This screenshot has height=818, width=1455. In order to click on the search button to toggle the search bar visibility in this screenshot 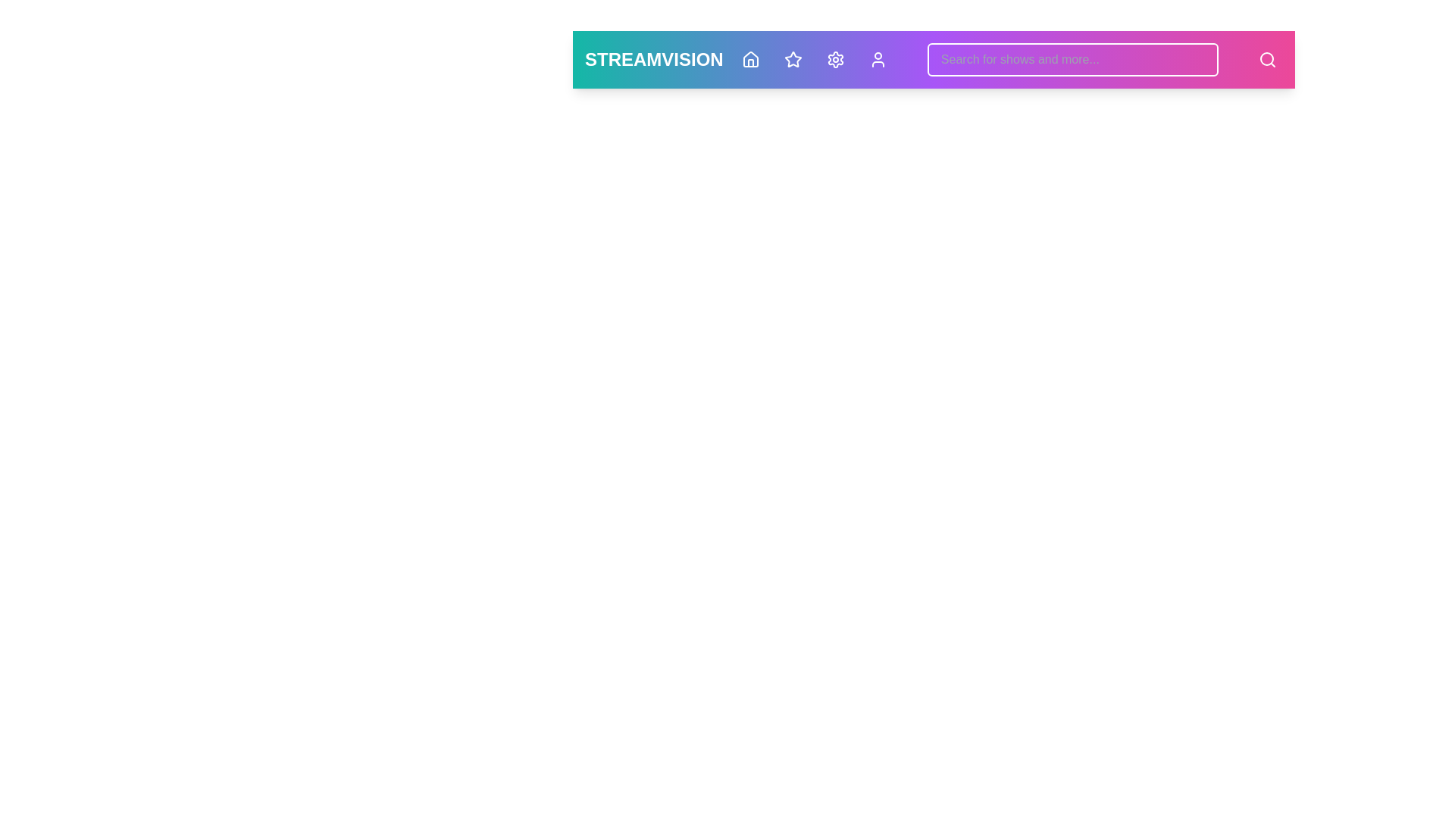, I will do `click(1268, 58)`.